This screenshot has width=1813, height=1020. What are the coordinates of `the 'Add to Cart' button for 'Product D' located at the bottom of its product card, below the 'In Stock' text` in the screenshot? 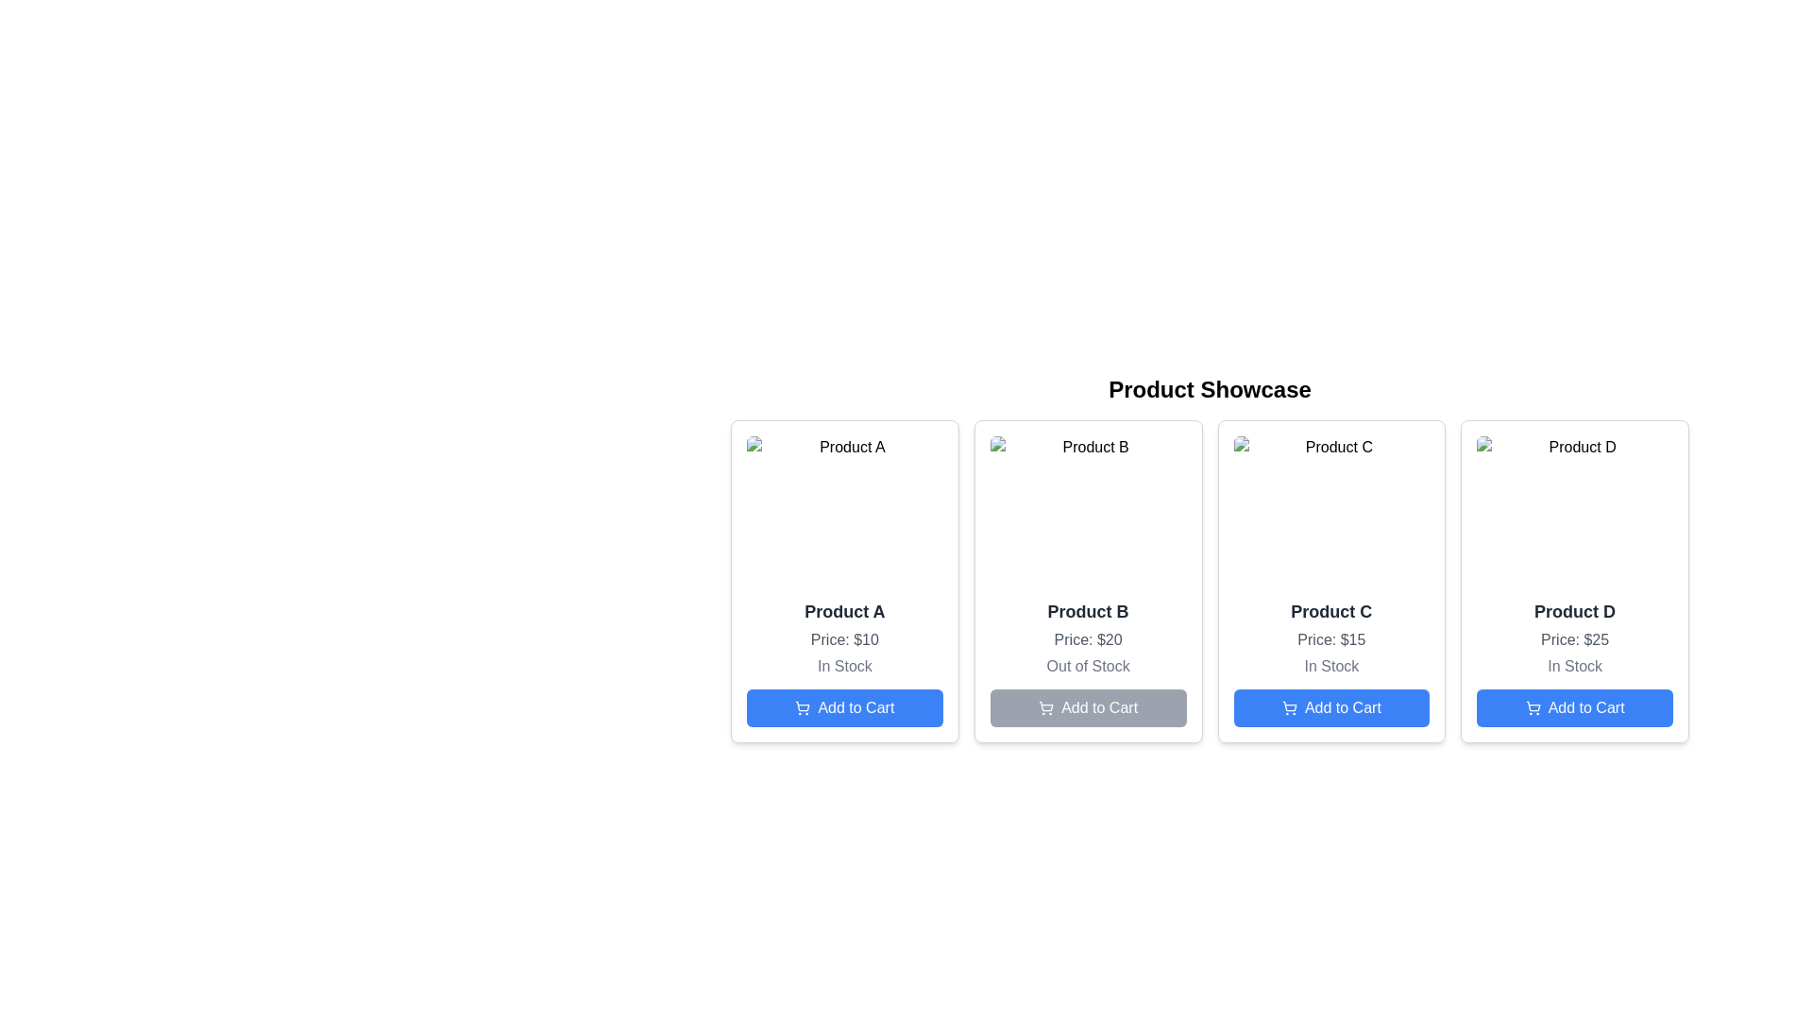 It's located at (1575, 707).